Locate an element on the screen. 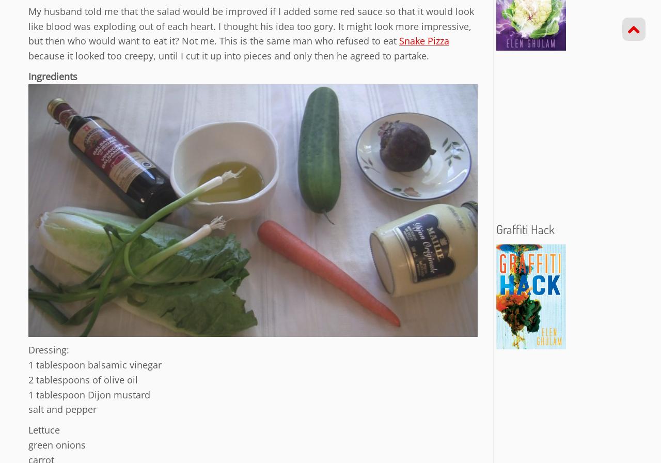 This screenshot has height=463, width=661. '1 tablespoon balsamic vinegar' is located at coordinates (28, 364).